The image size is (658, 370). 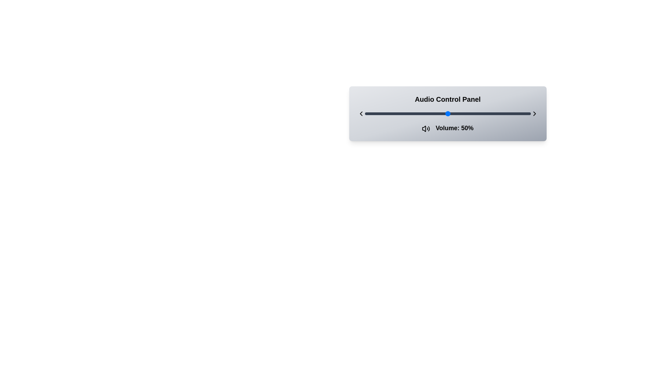 What do you see at coordinates (448, 99) in the screenshot?
I see `the header text component displaying 'Audio Control Panel', which is centrally aligned and prominently styled with a bold font` at bounding box center [448, 99].